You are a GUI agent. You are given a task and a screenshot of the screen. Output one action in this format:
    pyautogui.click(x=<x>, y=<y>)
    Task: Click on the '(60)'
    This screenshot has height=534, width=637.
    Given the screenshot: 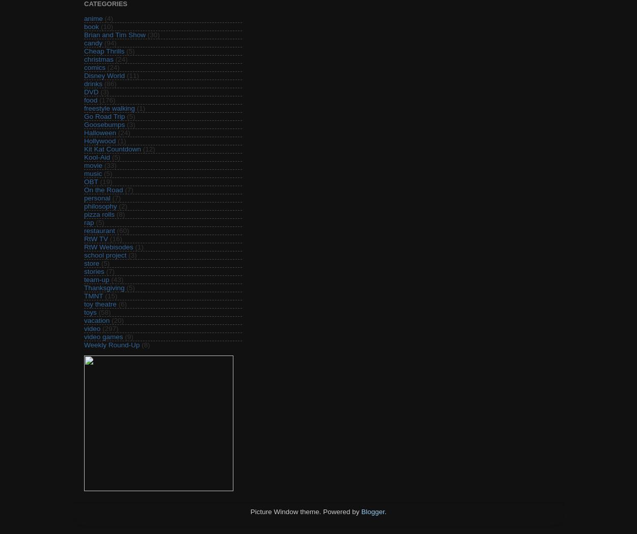 What is the action you would take?
    pyautogui.click(x=122, y=230)
    